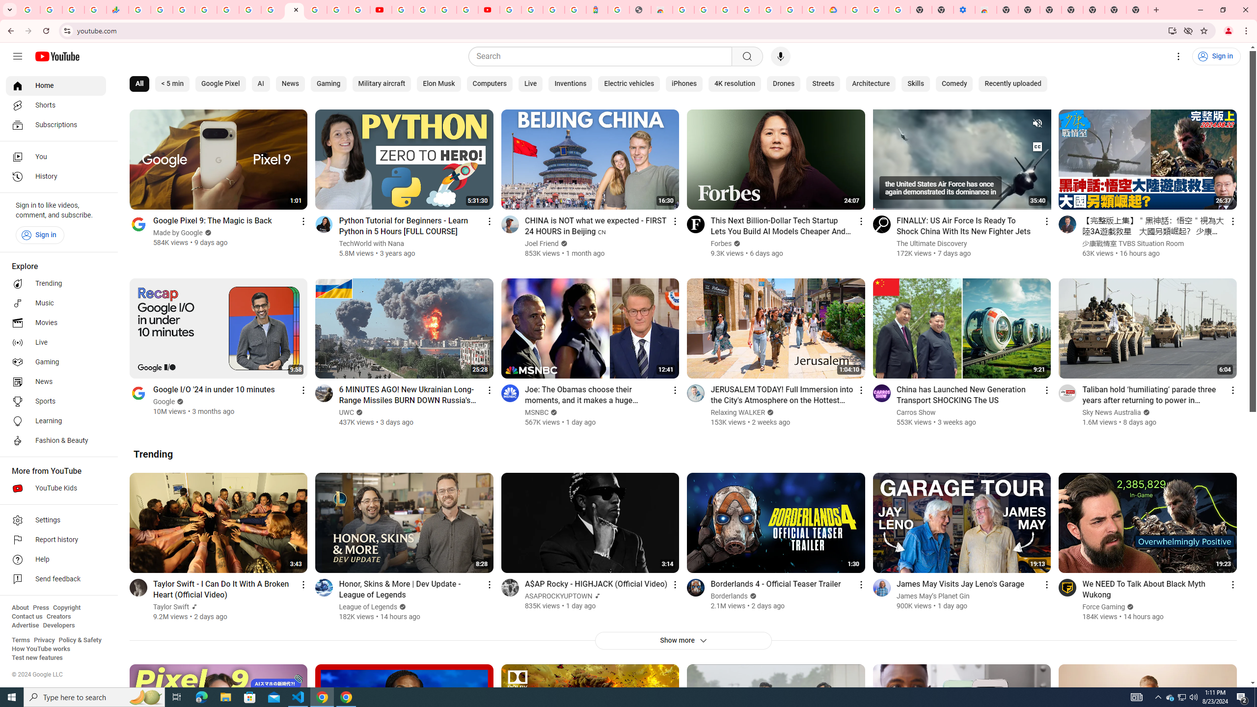  What do you see at coordinates (737, 412) in the screenshot?
I see `'Relaxing WALKER'` at bounding box center [737, 412].